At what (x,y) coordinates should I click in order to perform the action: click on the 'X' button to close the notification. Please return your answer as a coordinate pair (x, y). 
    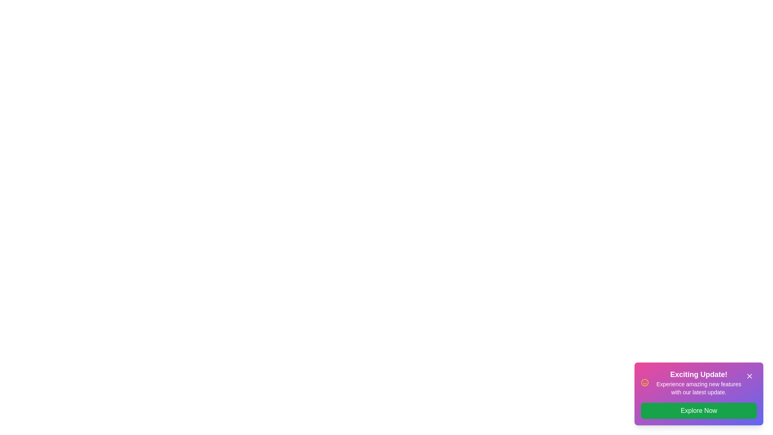
    Looking at the image, I should click on (749, 376).